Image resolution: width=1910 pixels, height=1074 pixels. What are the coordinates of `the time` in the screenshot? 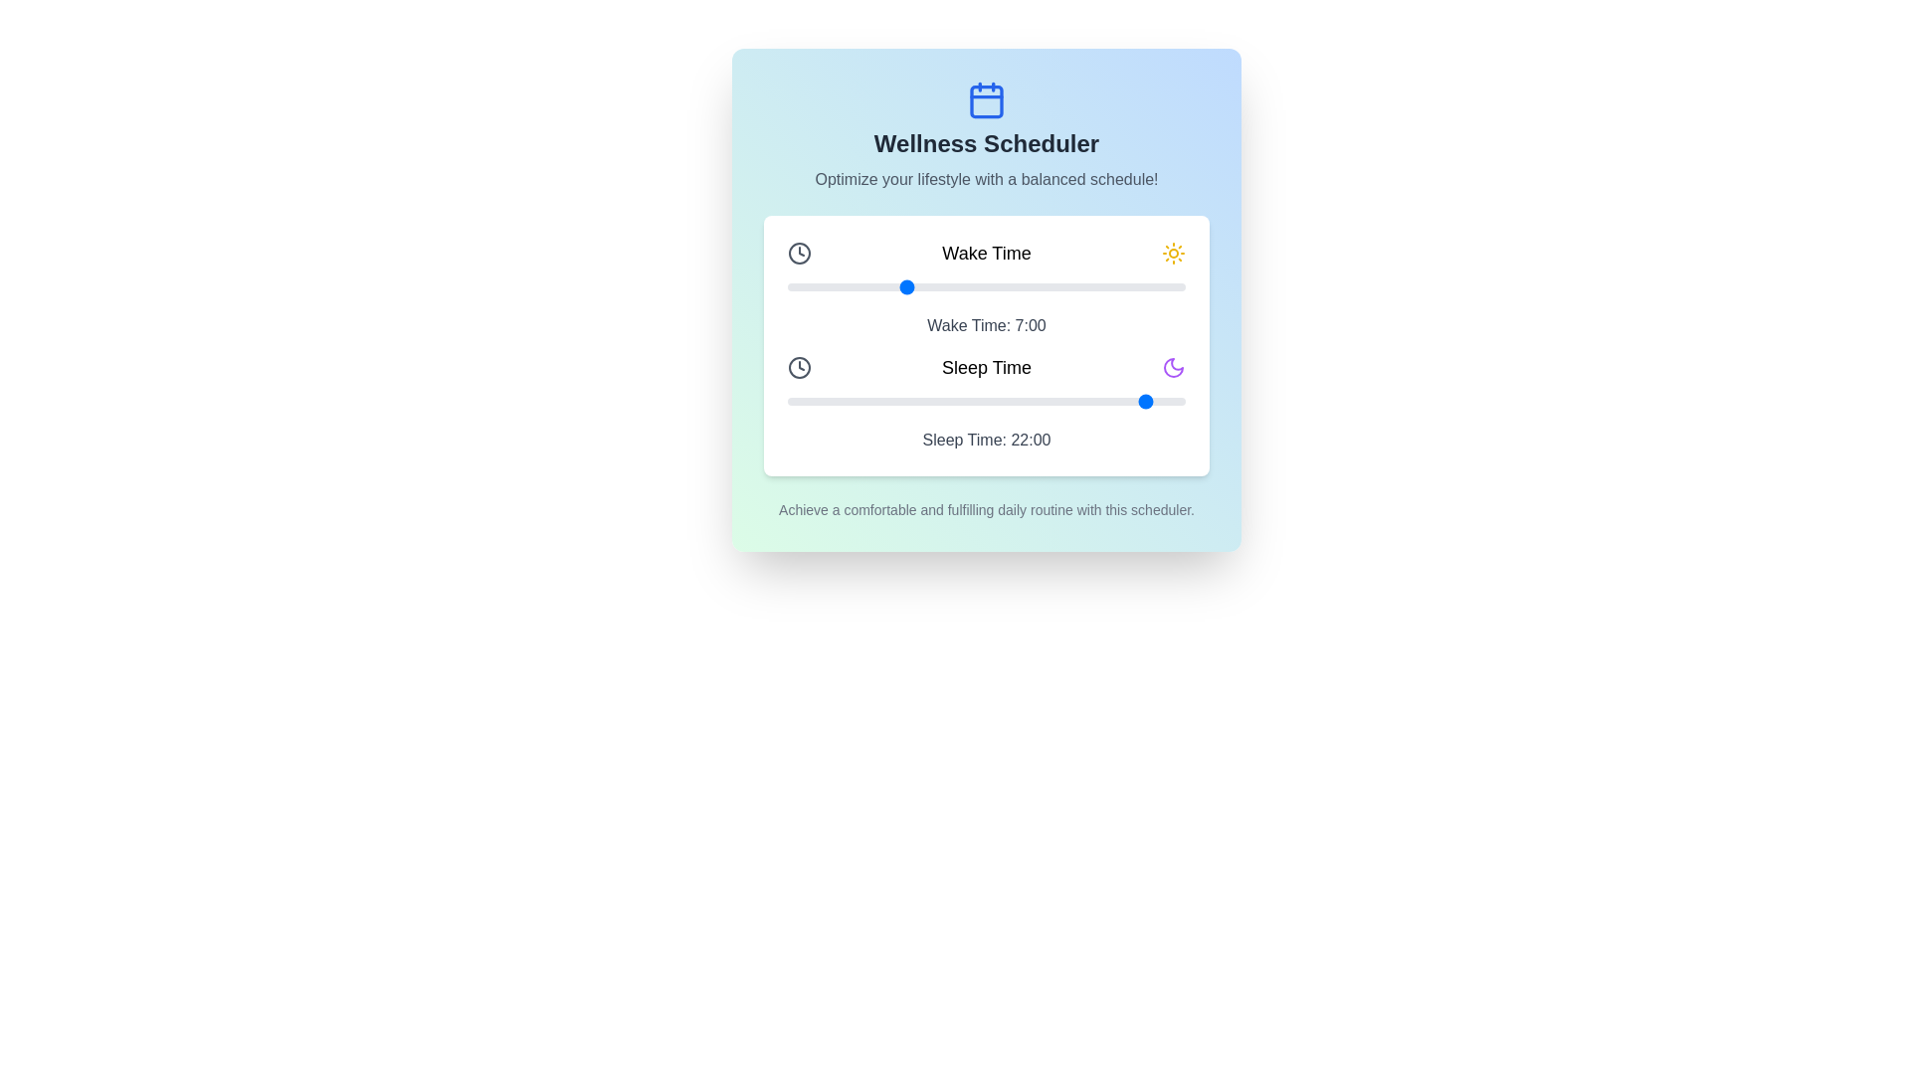 It's located at (1035, 402).